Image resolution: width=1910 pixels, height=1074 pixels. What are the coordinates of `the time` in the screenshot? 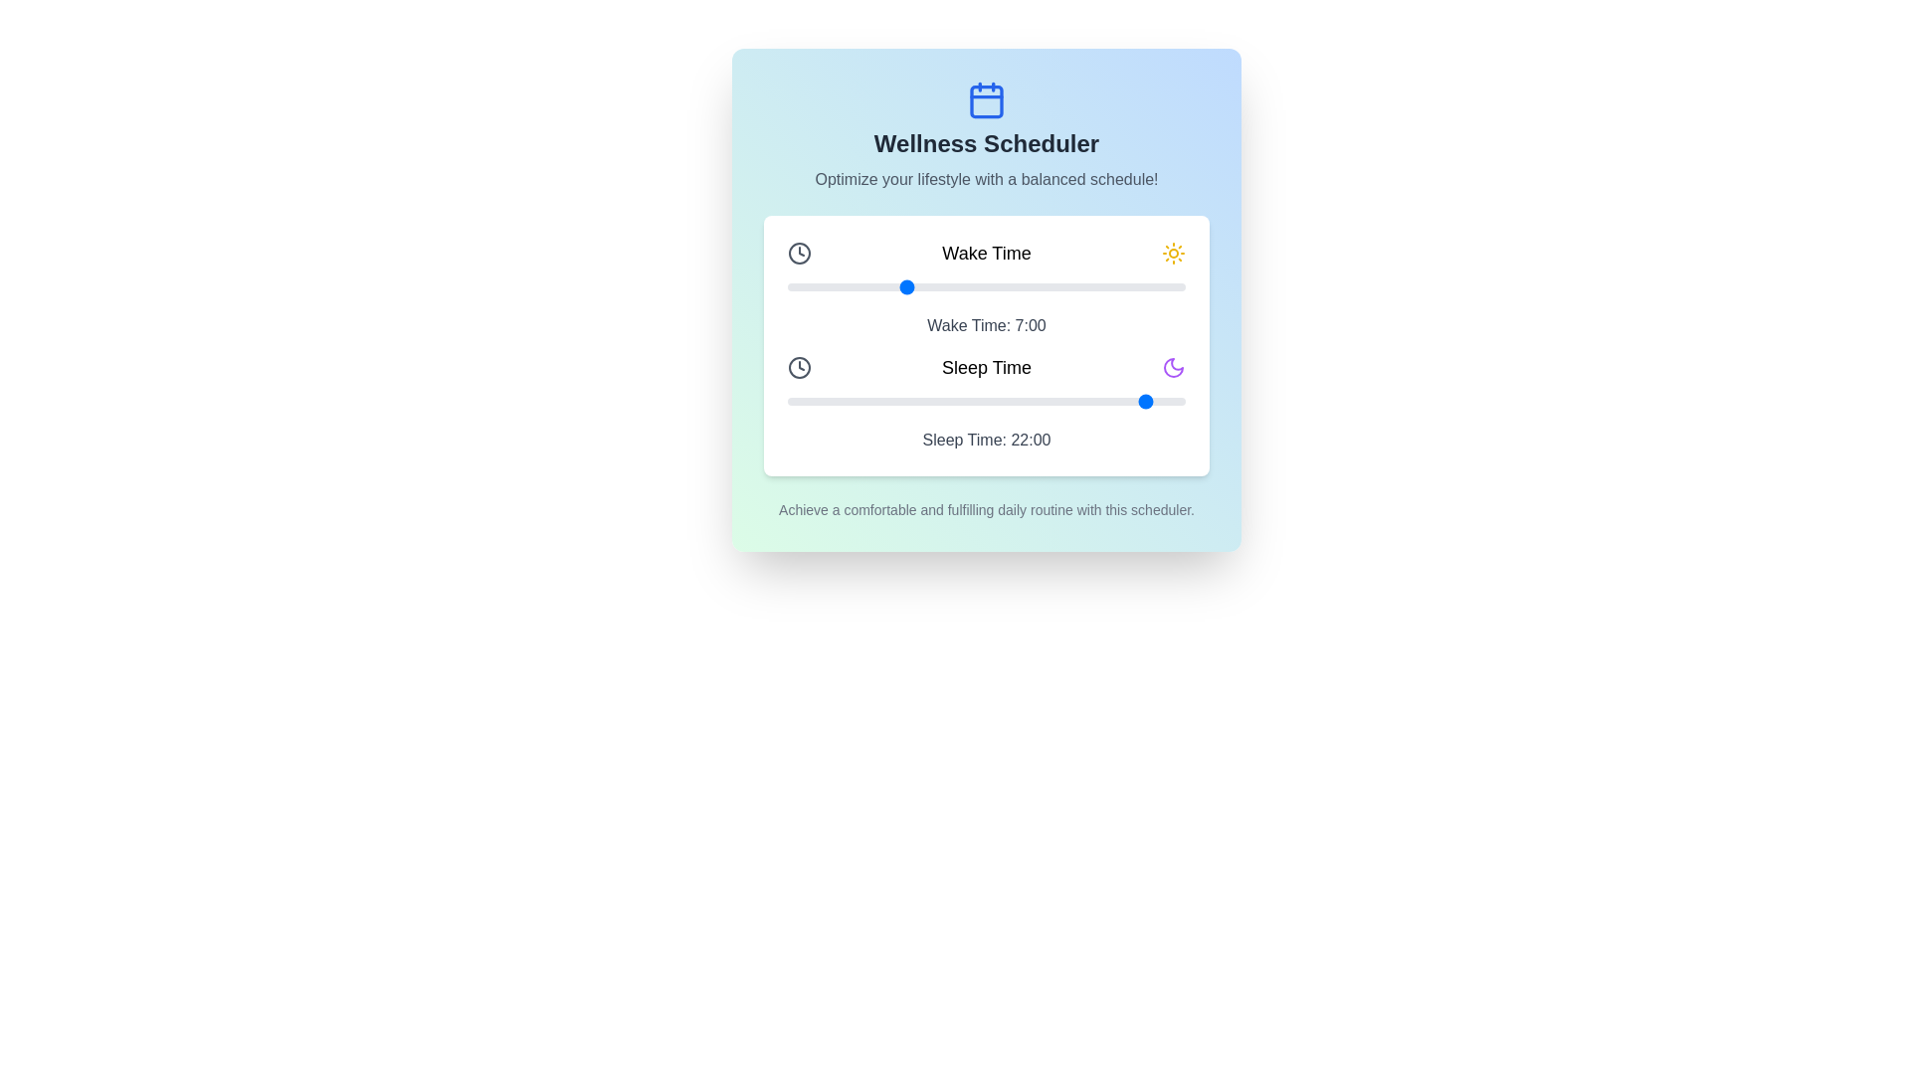 It's located at (1035, 402).